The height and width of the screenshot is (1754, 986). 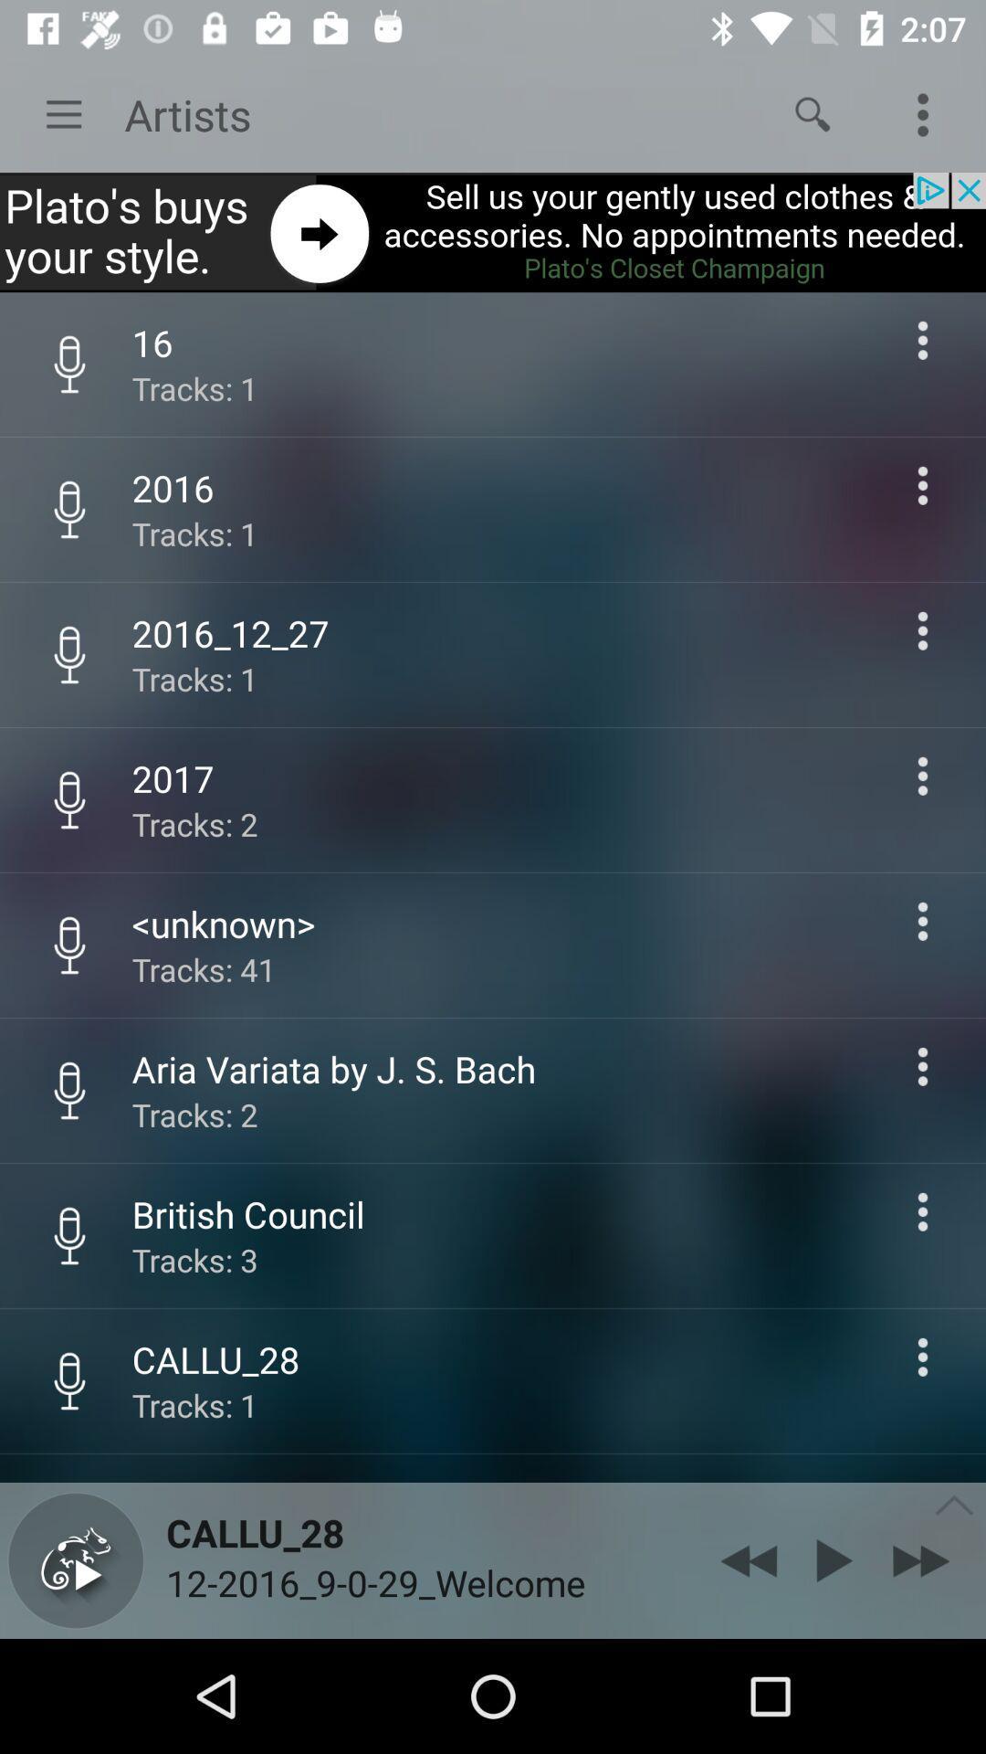 What do you see at coordinates (834, 1559) in the screenshot?
I see `the send icon` at bounding box center [834, 1559].